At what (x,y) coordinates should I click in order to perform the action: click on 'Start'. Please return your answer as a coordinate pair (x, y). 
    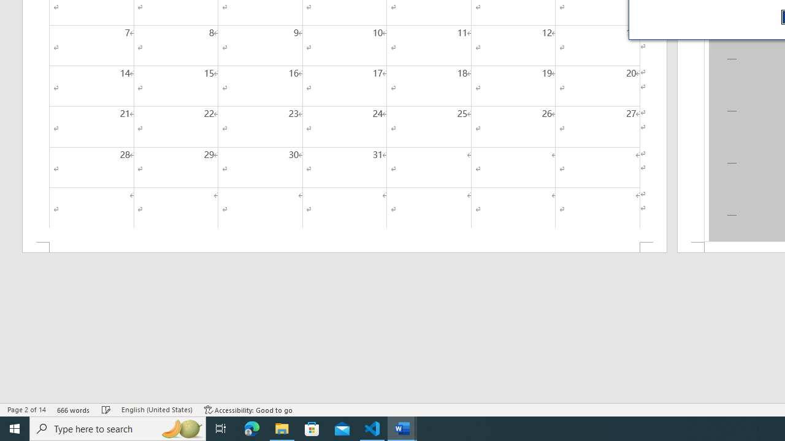
    Looking at the image, I should click on (15, 428).